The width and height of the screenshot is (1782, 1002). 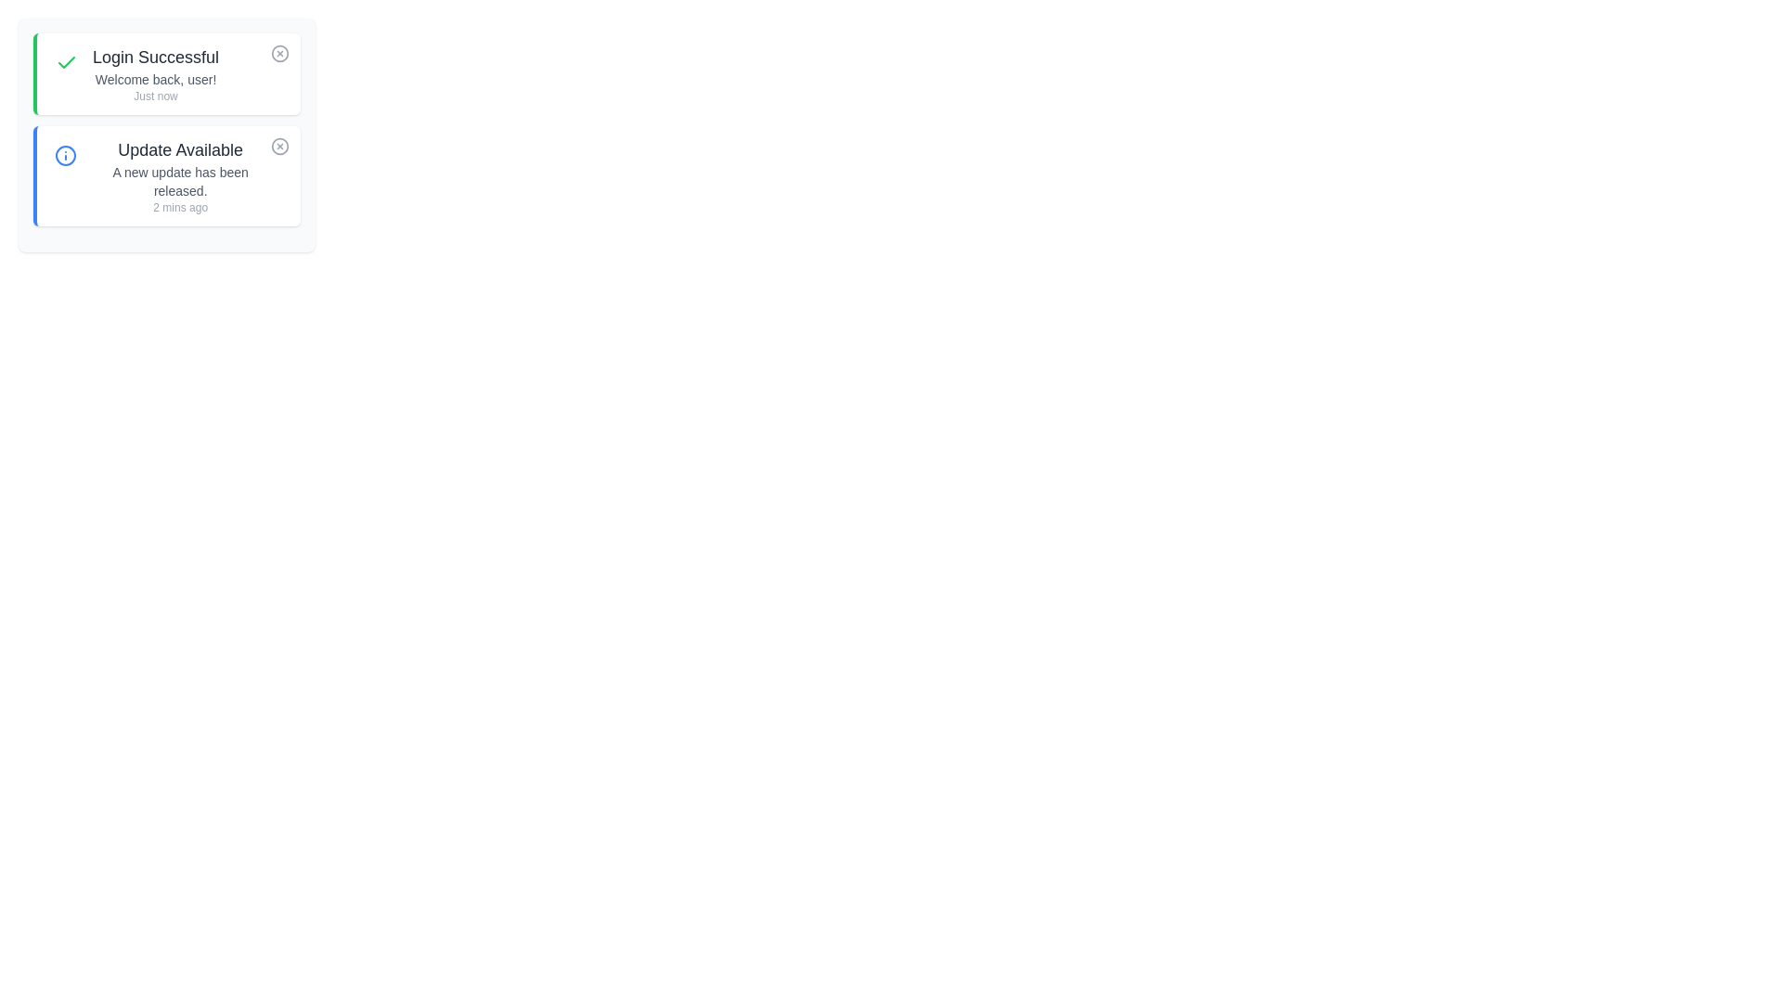 I want to click on timestamp from the Text label displaying time-related information about the event in the second card, so click(x=180, y=207).